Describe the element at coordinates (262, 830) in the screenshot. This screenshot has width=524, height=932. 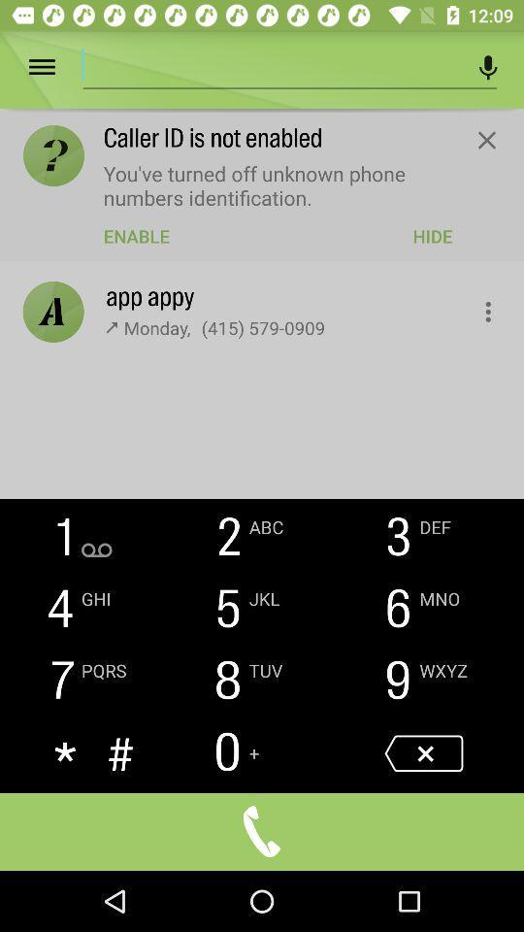
I see `begin call` at that location.